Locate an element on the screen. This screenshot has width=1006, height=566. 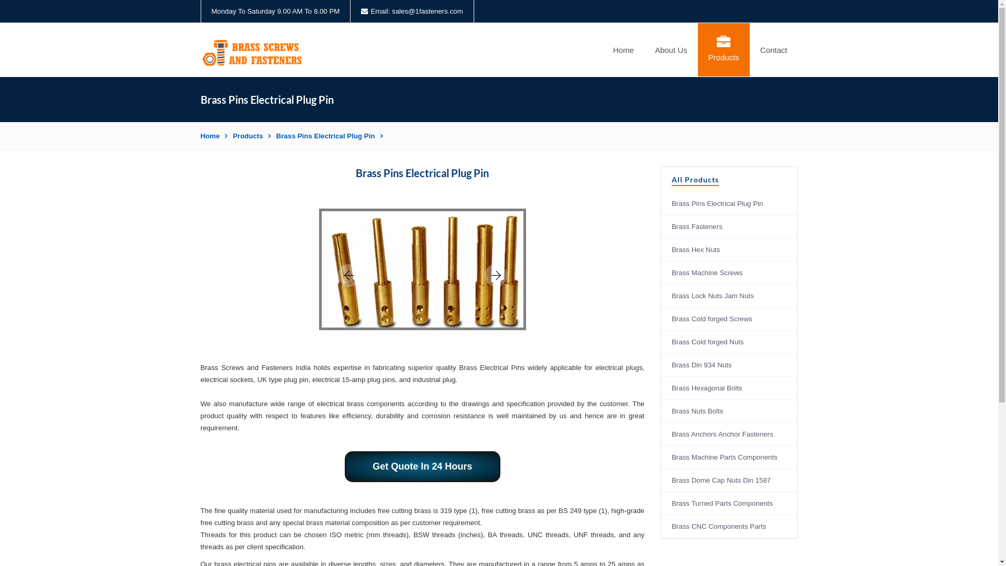
'Brass Pins Electrical Plug Pin' is located at coordinates (329, 135).